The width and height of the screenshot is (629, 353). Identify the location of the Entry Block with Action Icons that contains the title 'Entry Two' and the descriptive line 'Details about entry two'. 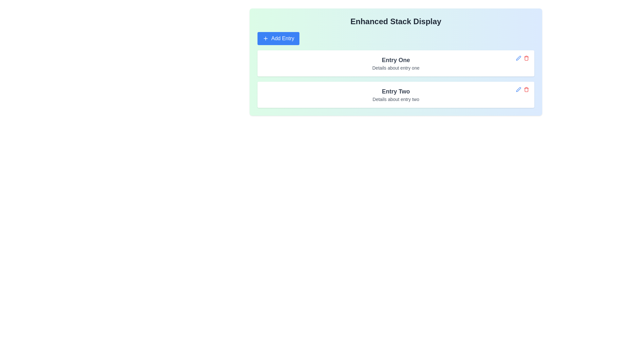
(395, 94).